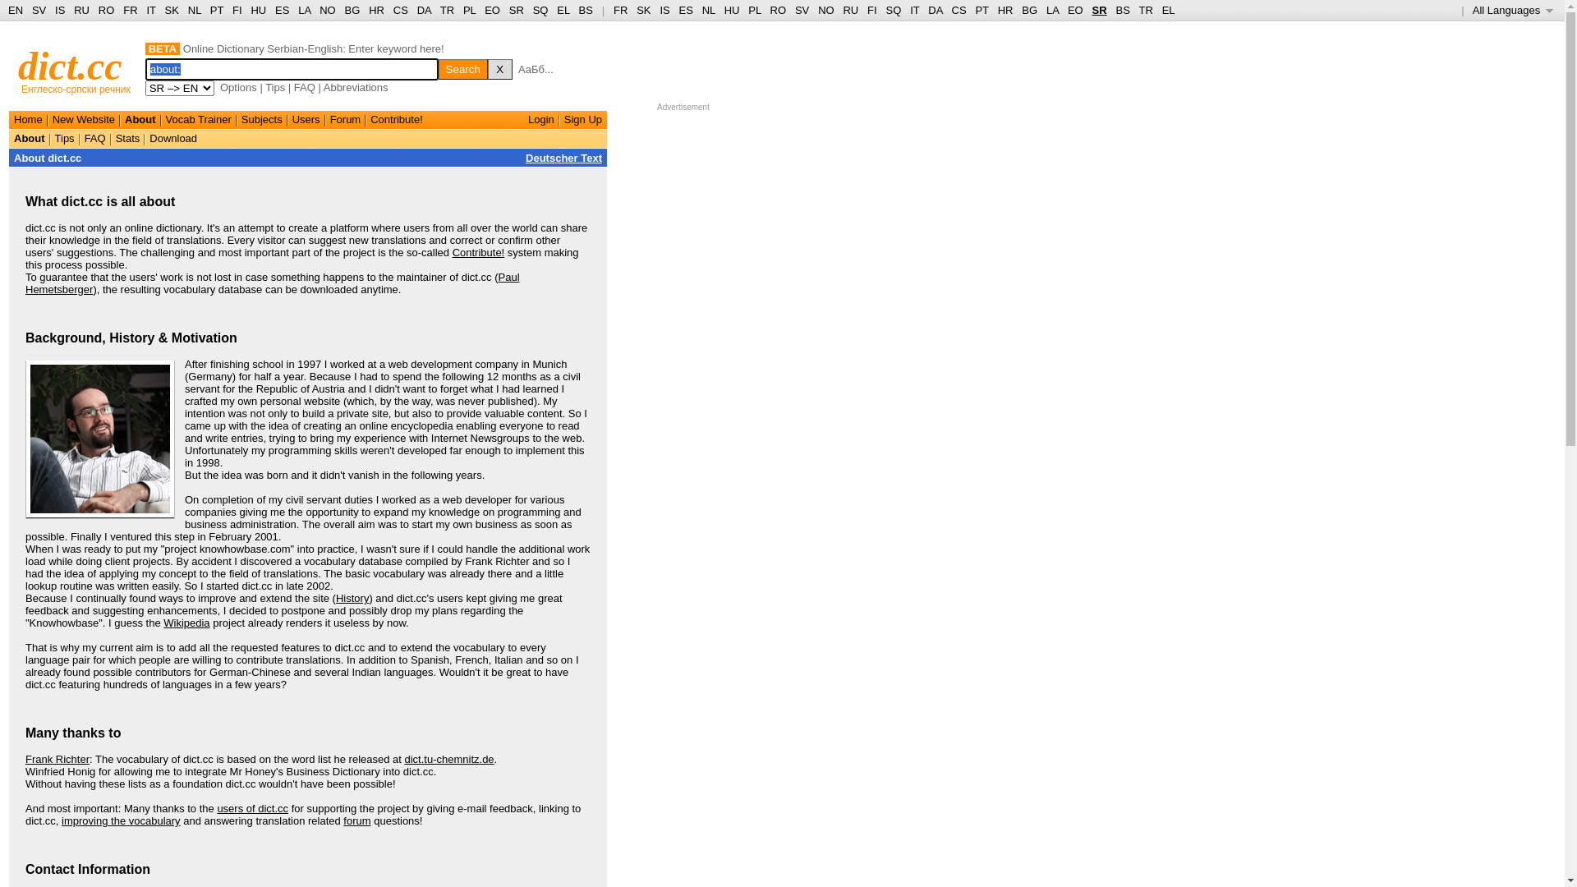 The image size is (1577, 887). Describe the element at coordinates (913, 10) in the screenshot. I see `'IT'` at that location.